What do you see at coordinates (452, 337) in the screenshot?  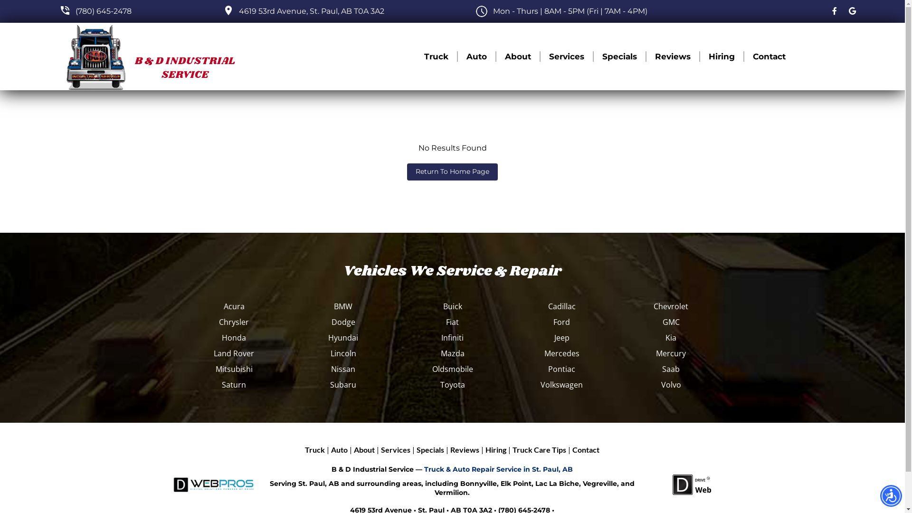 I see `'Infiniti'` at bounding box center [452, 337].